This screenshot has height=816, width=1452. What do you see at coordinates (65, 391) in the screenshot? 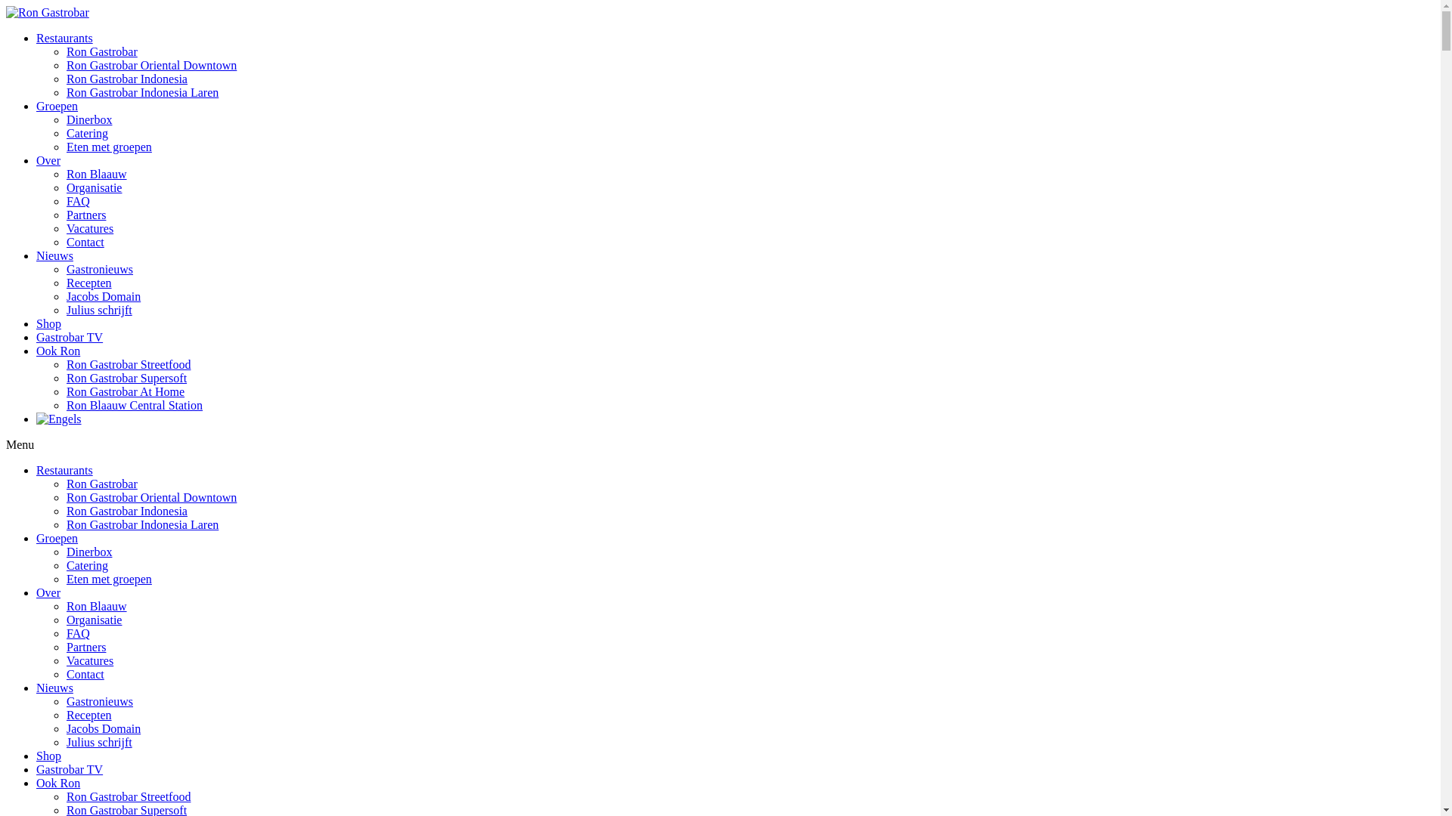
I see `'Ron Gastrobar At Home'` at bounding box center [65, 391].